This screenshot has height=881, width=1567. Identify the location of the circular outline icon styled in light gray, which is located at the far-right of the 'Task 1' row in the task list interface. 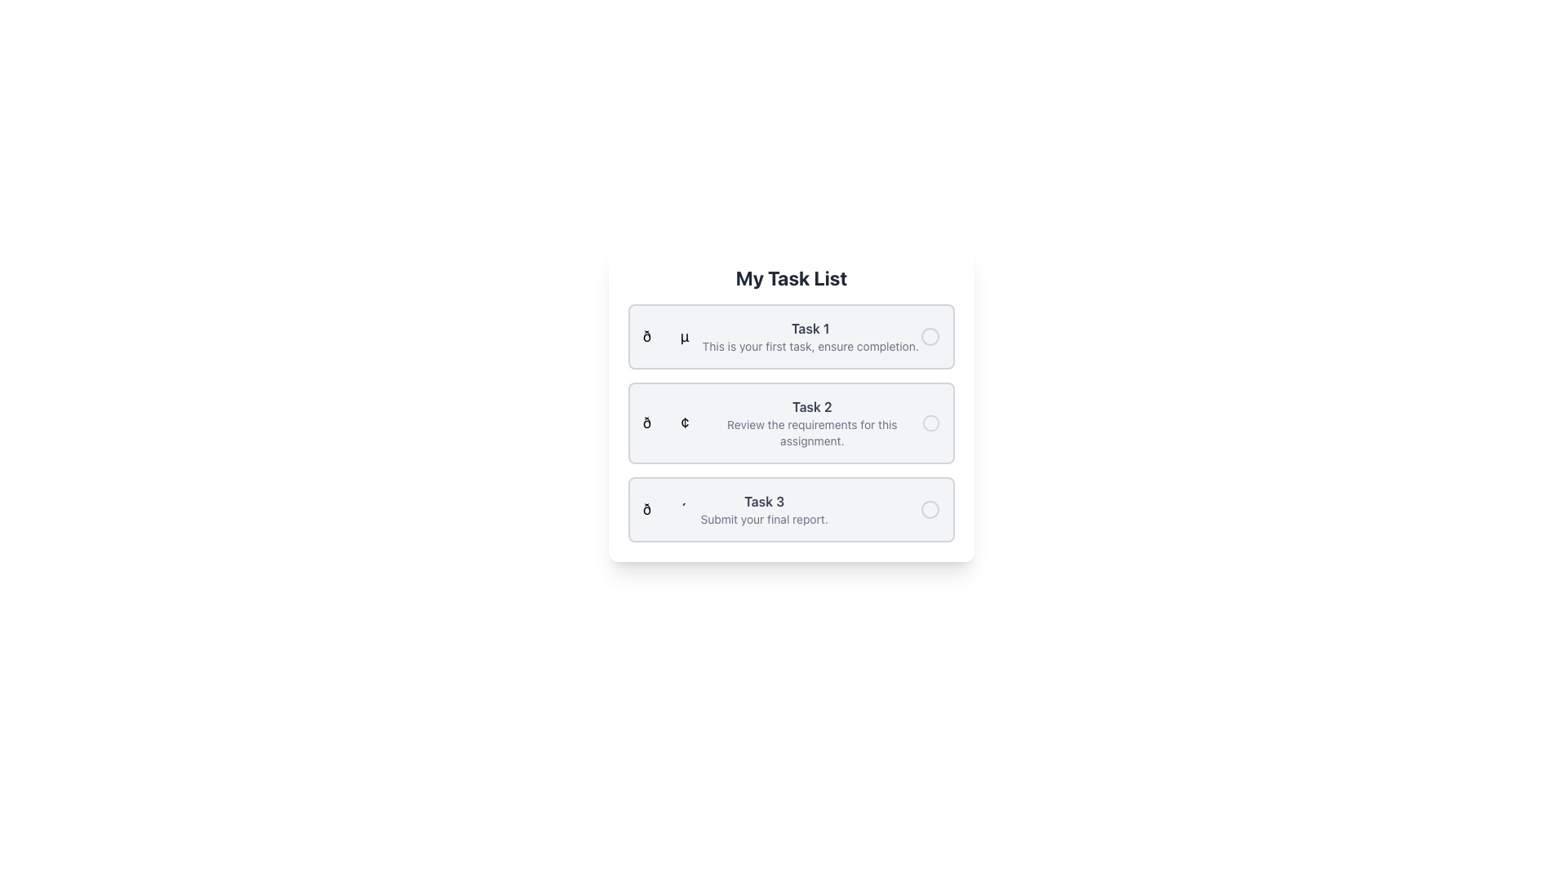
(930, 335).